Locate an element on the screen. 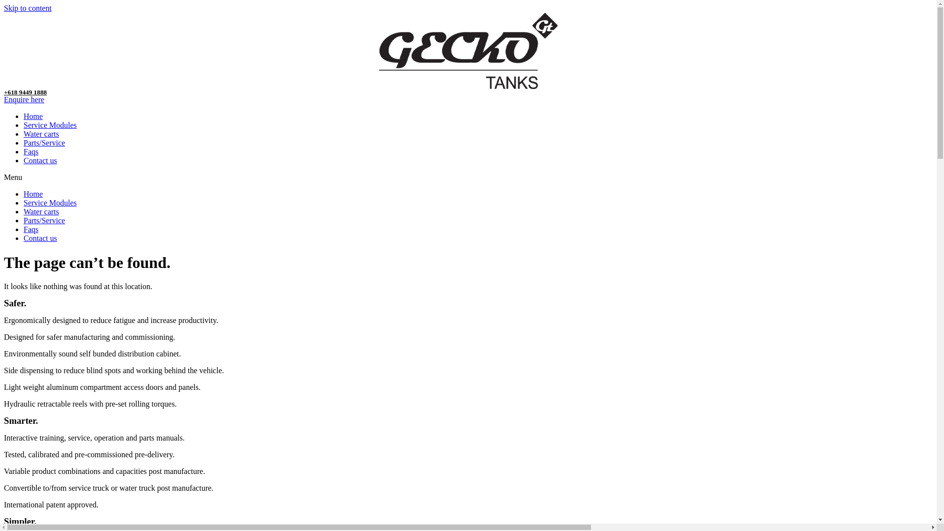 Image resolution: width=944 pixels, height=531 pixels. 'Enquire here' is located at coordinates (24, 99).